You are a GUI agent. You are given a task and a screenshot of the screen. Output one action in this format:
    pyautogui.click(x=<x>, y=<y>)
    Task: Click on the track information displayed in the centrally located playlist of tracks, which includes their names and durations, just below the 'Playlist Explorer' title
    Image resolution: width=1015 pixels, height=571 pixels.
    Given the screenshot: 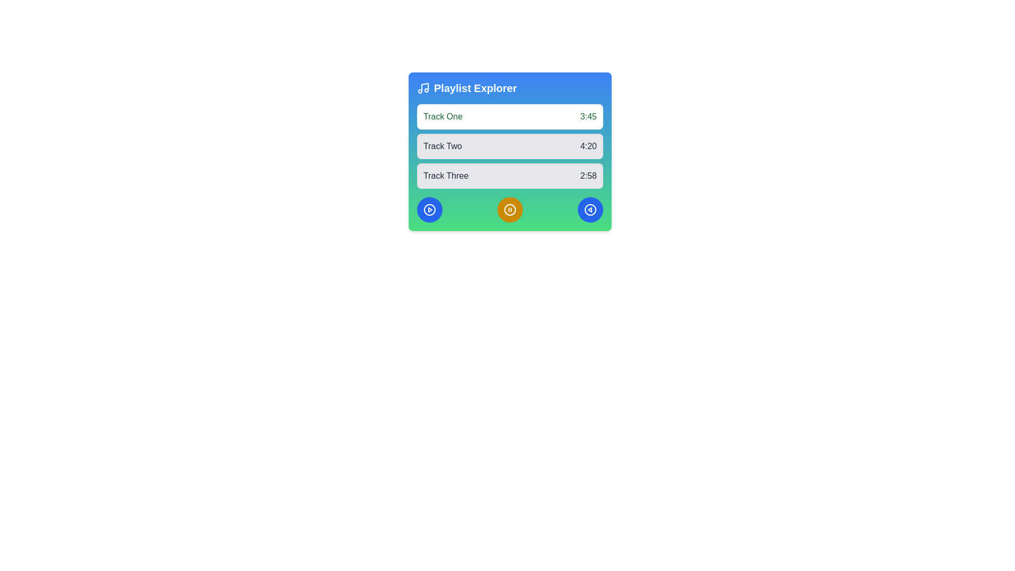 What is the action you would take?
    pyautogui.click(x=510, y=146)
    